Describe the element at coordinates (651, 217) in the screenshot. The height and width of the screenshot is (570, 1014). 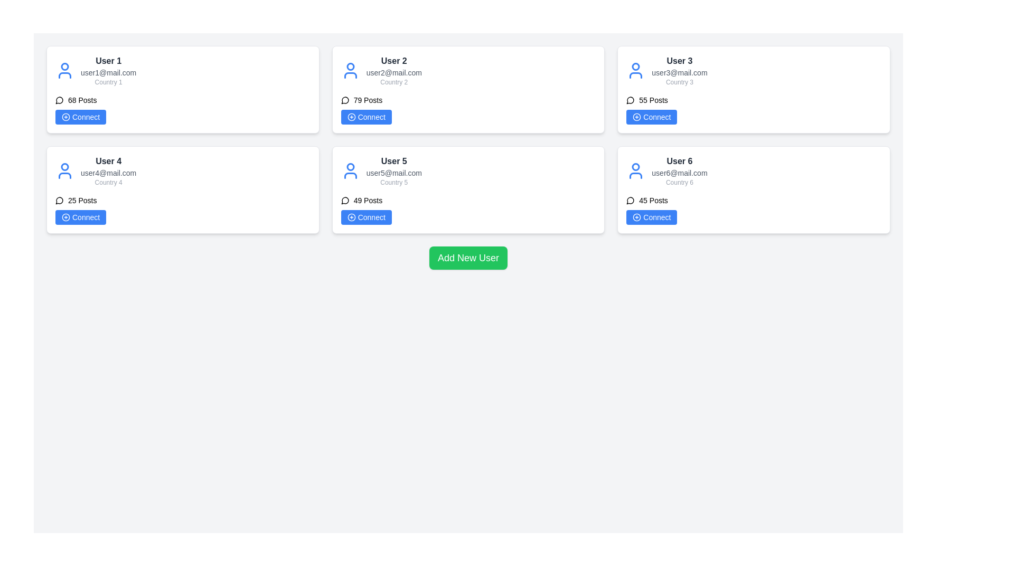
I see `the button located at the bottom right corner of the card labeled 'User 6'` at that location.